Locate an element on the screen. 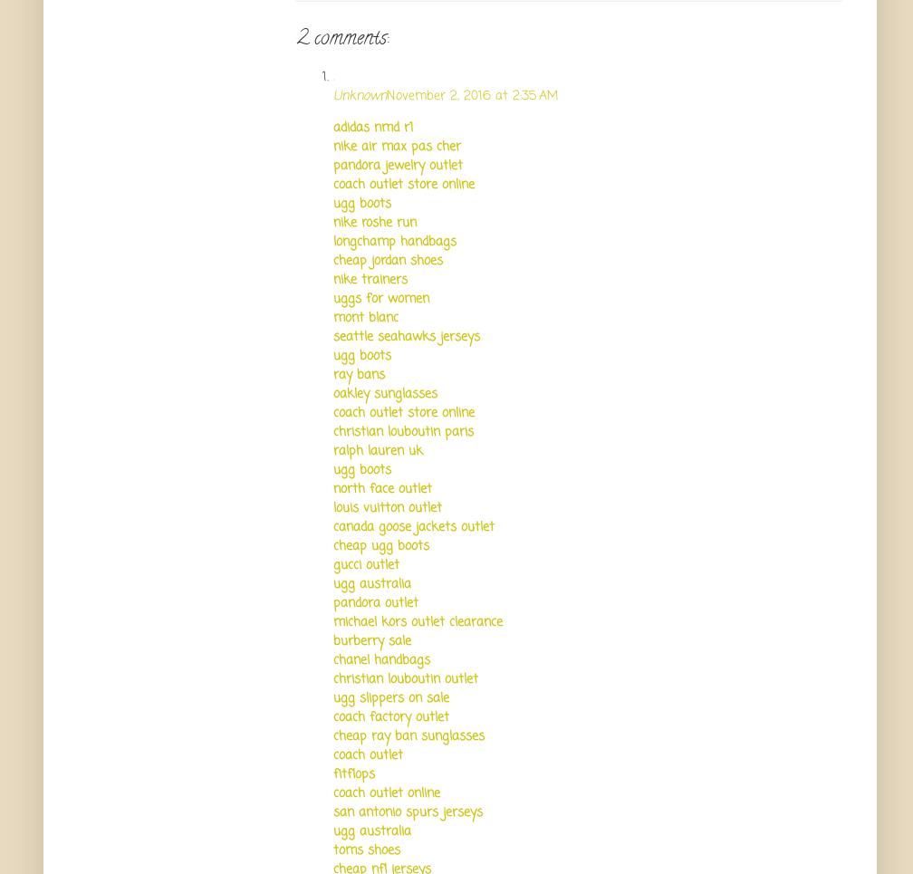 Image resolution: width=913 pixels, height=874 pixels. '2 comments:' is located at coordinates (342, 39).